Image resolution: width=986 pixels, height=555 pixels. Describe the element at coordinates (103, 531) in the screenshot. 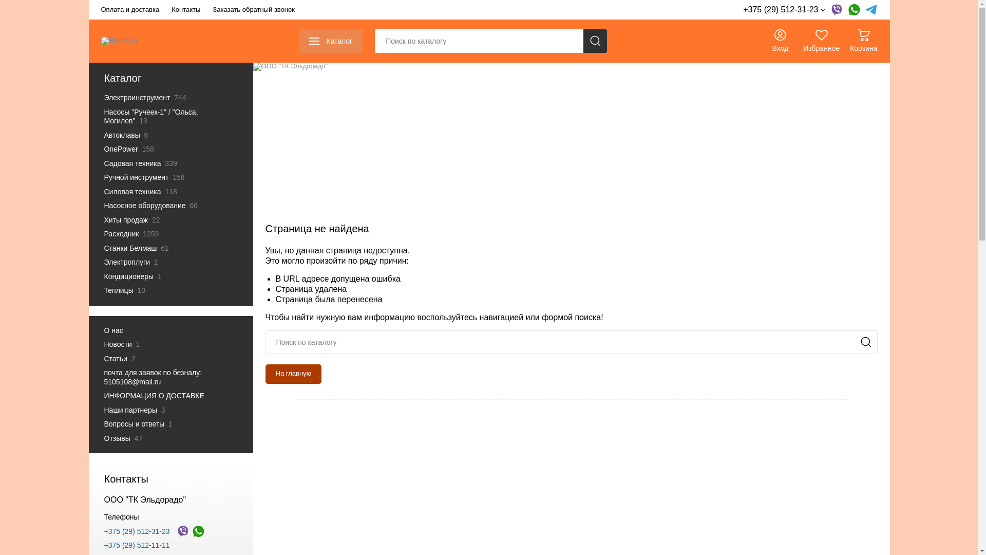

I see `'+375 (29) 512-31-23'` at that location.